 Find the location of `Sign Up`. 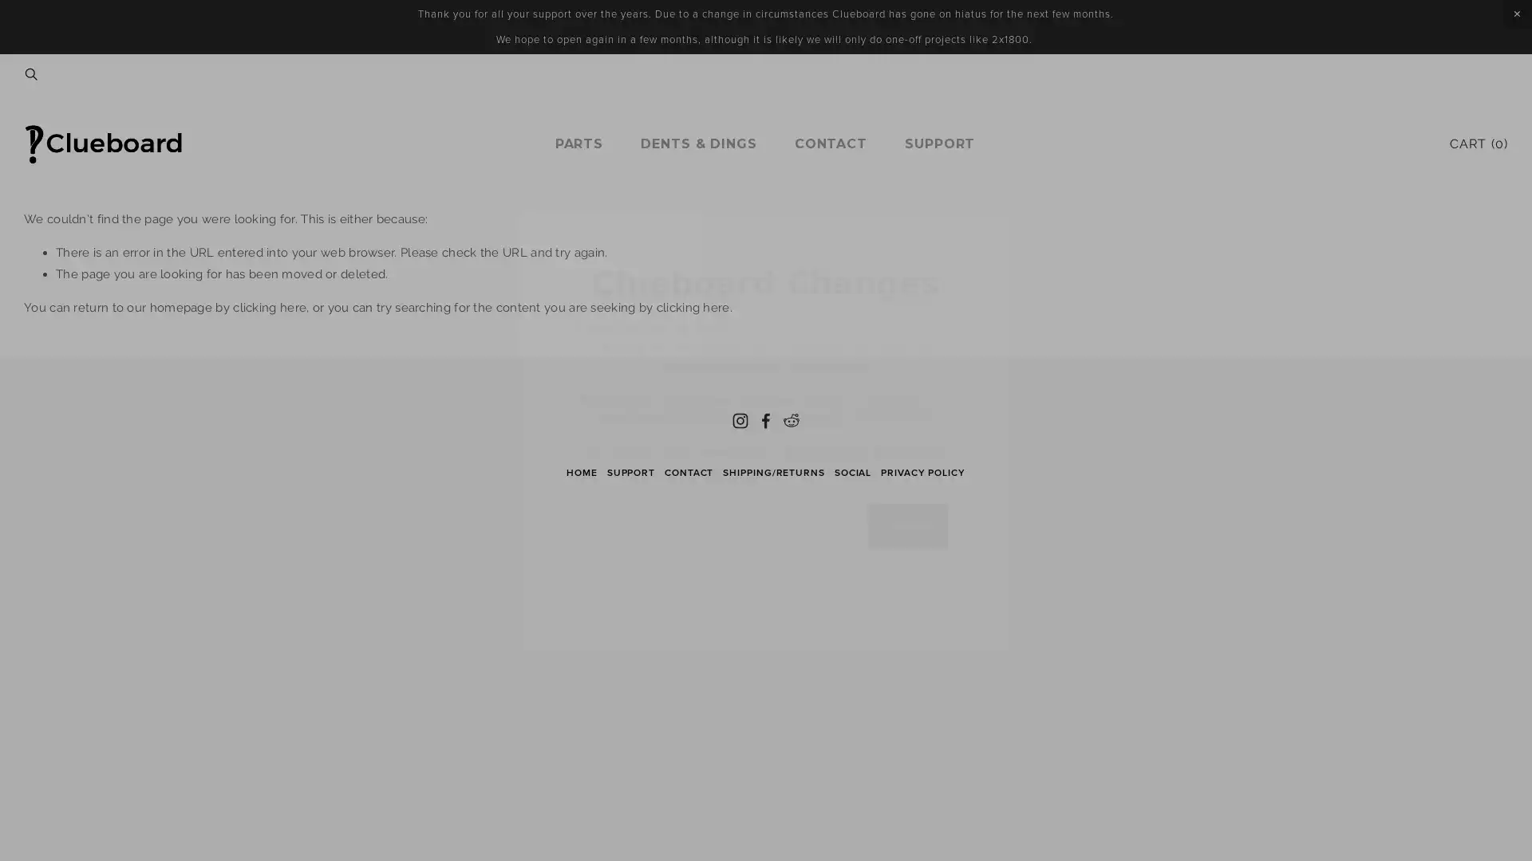

Sign Up is located at coordinates (908, 525).